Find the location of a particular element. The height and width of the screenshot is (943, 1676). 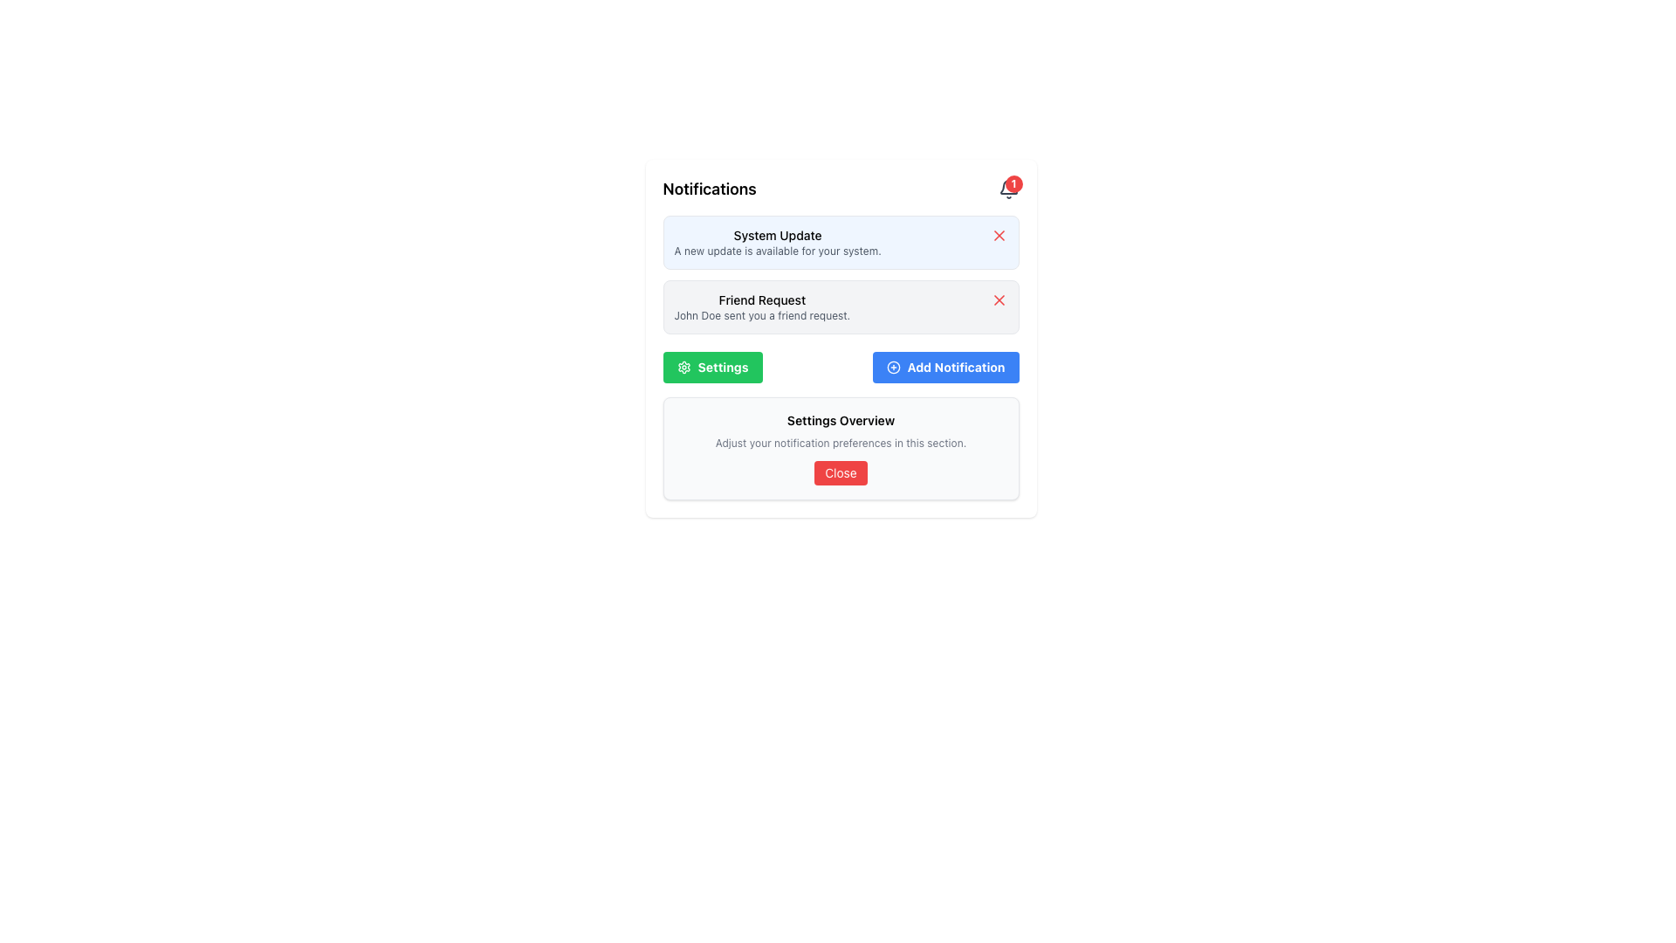

the SVG icon shaped like a gear, which symbolizes settings, located inside a green button labeled 'Settings' in the notification panel is located at coordinates (683, 366).